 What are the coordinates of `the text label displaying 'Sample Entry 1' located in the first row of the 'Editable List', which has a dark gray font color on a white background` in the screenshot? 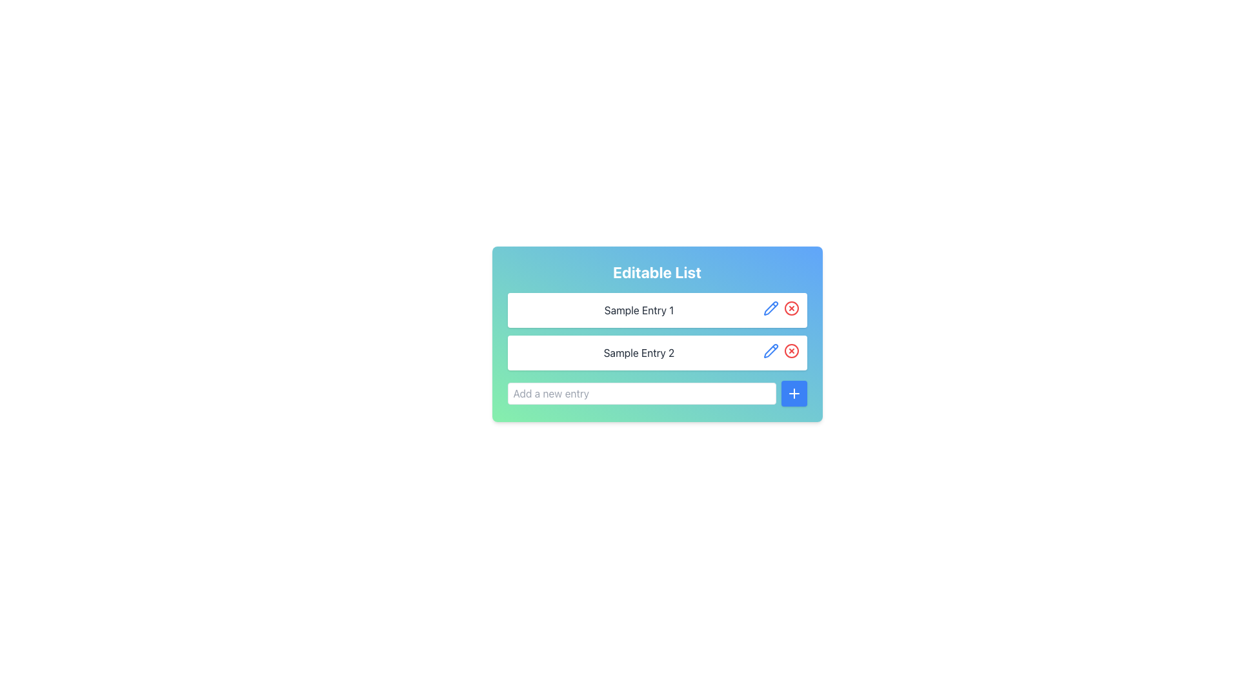 It's located at (639, 310).